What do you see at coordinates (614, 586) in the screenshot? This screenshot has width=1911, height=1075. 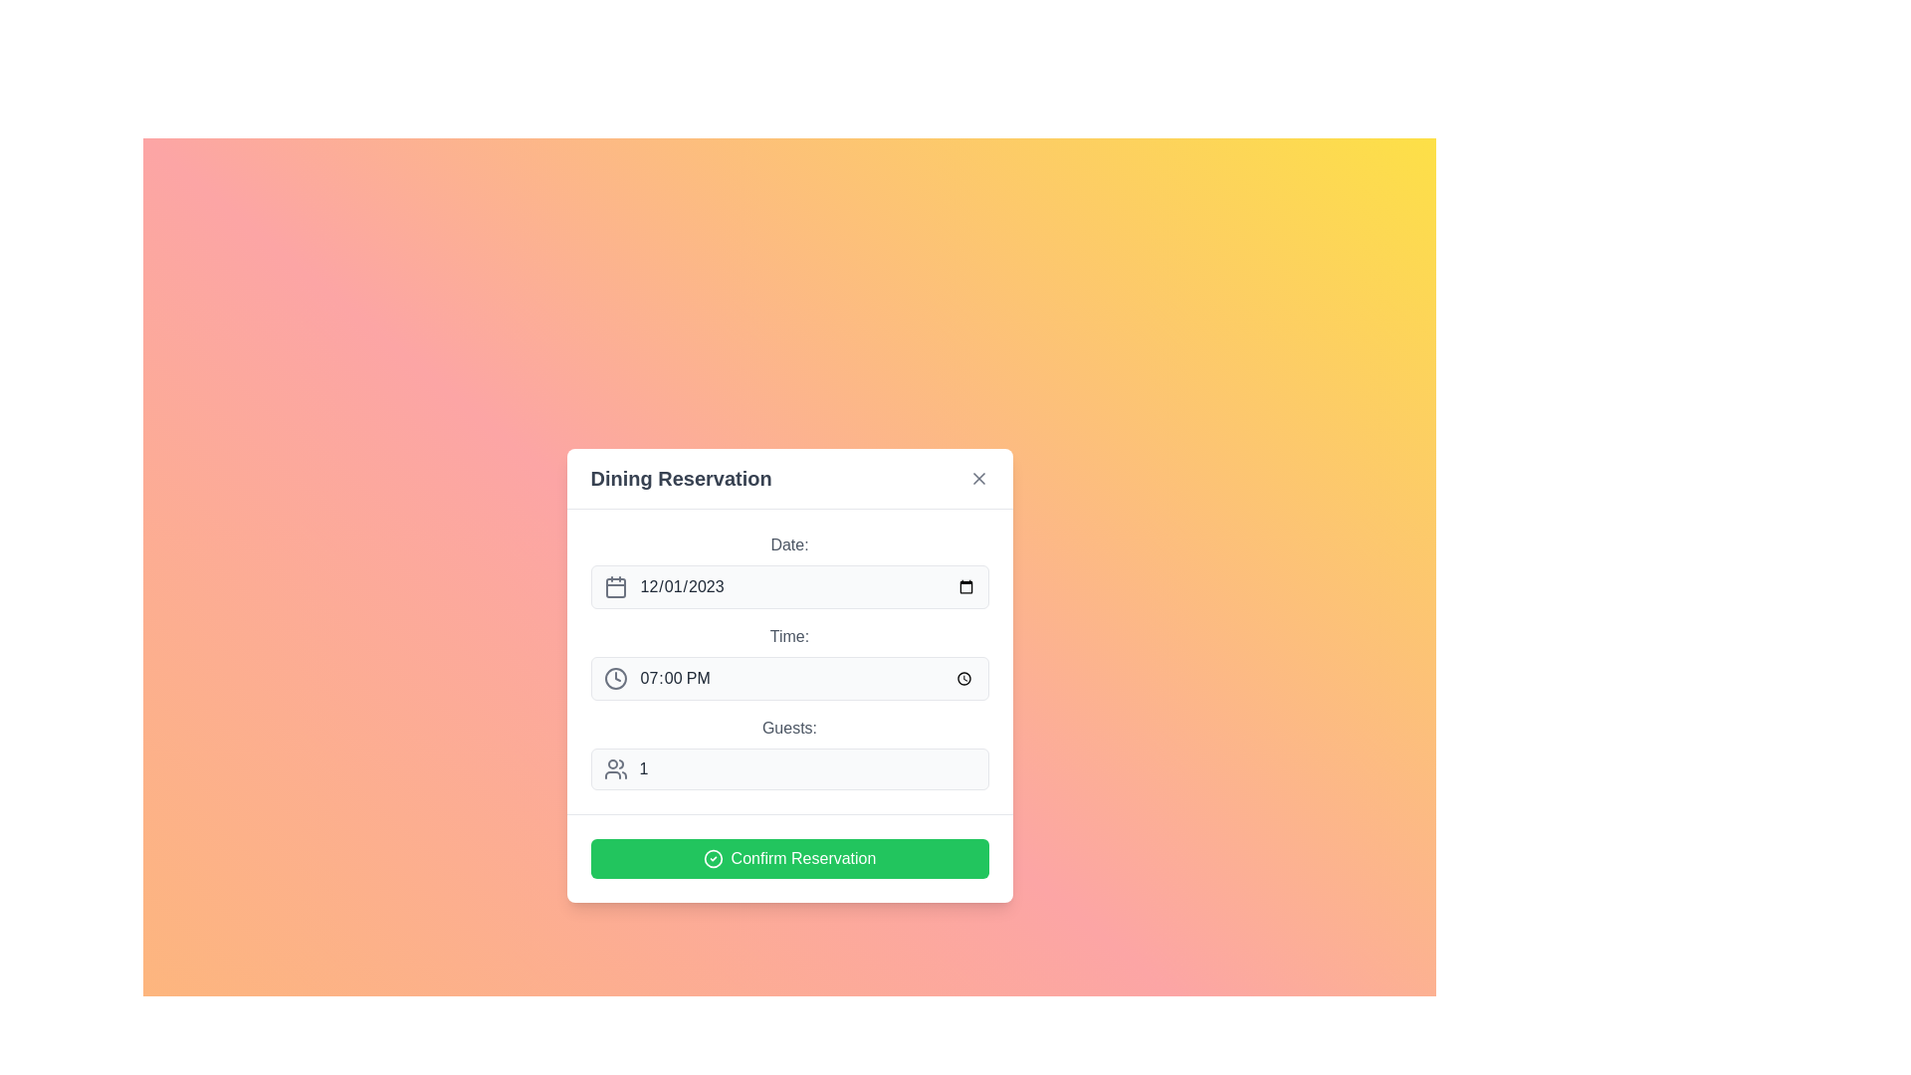 I see `the calendar icon that represents the 'Date' field in the 'Dining Reservation' form` at bounding box center [614, 586].